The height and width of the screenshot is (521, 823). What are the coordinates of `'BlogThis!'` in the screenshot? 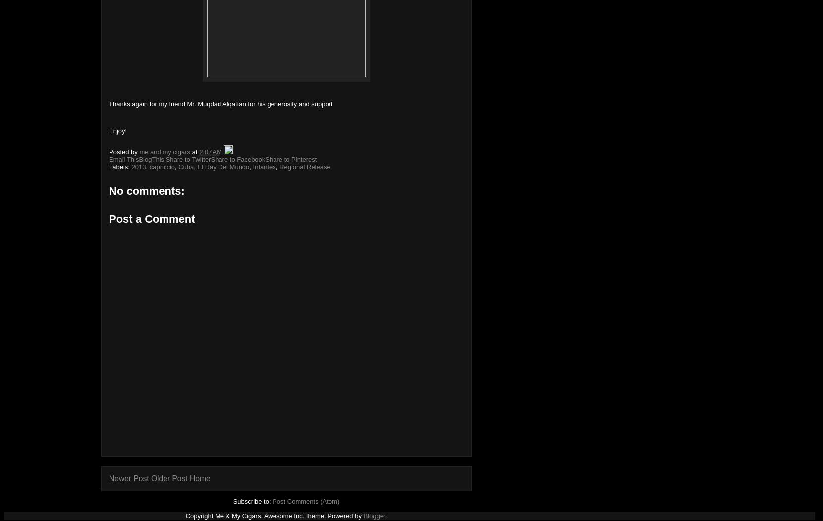 It's located at (152, 159).